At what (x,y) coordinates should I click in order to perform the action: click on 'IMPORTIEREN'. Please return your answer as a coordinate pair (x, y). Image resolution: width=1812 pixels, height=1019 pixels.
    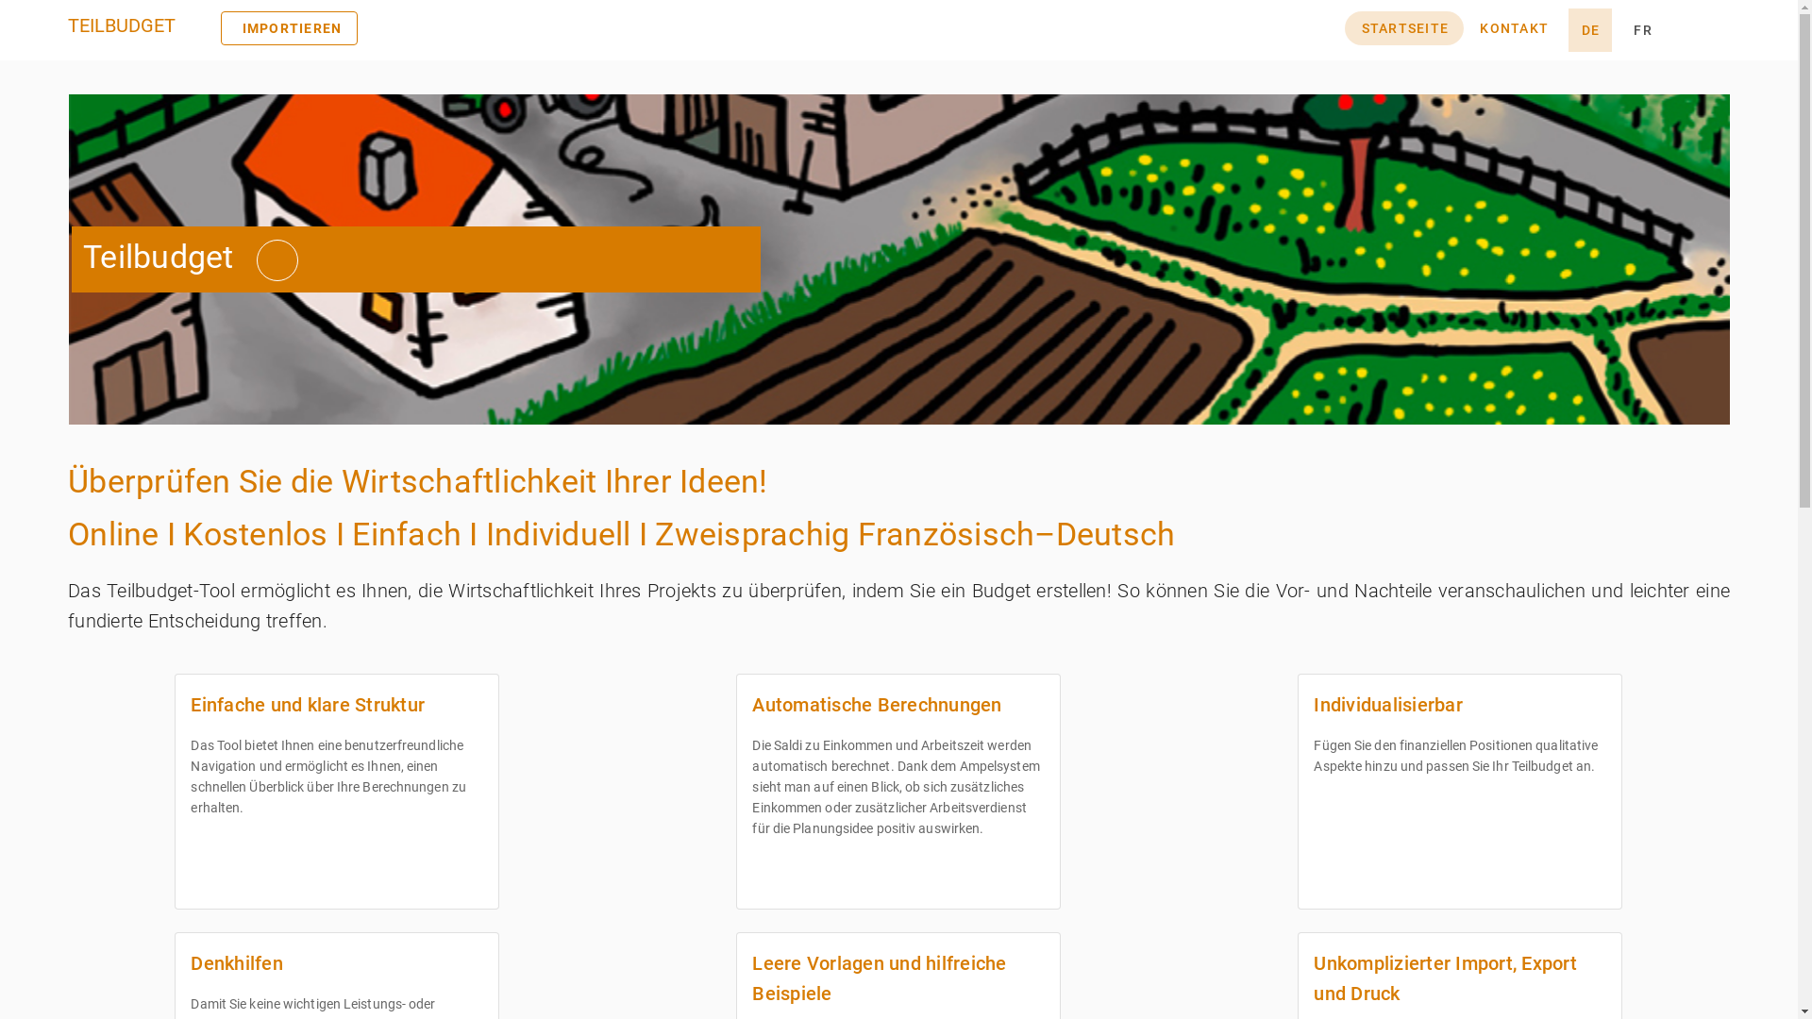
    Looking at the image, I should click on (221, 28).